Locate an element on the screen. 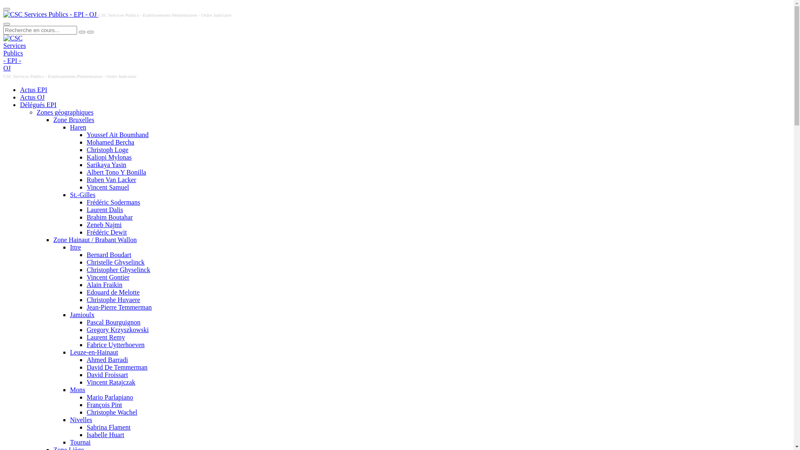 The image size is (800, 450). 'David Froissart' is located at coordinates (107, 374).